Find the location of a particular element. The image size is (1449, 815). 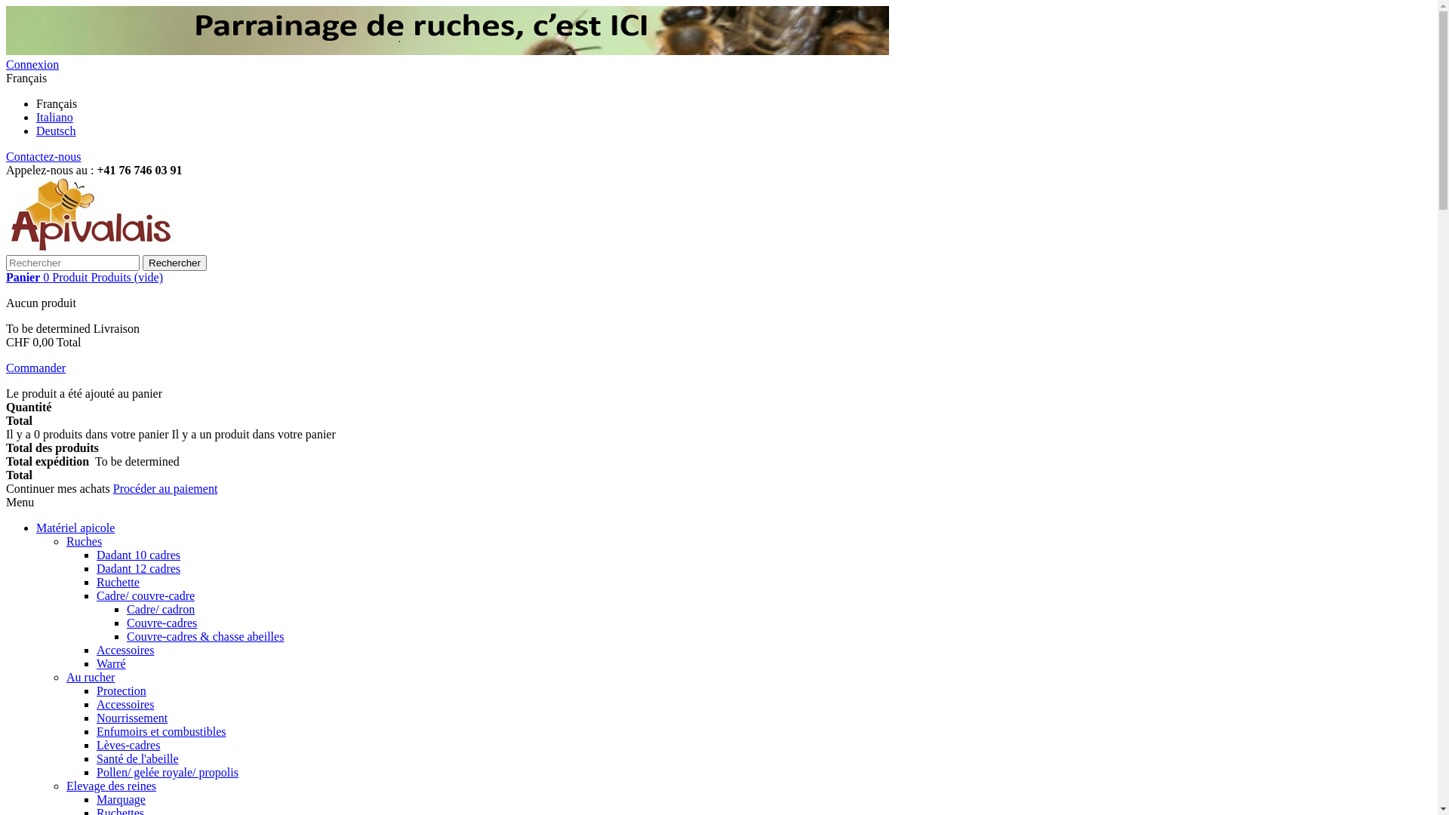

'Au rucher' is located at coordinates (90, 676).